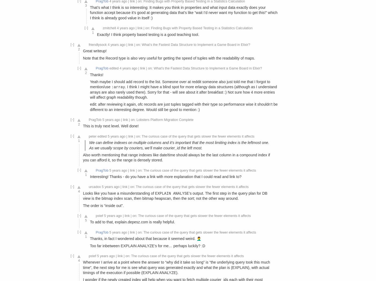 Image resolution: width=376 pixels, height=281 pixels. Describe the element at coordinates (145, 238) in the screenshot. I see `'Thanks, in fact I wondered about that because it seemed weird. 🤦‍♂'` at that location.